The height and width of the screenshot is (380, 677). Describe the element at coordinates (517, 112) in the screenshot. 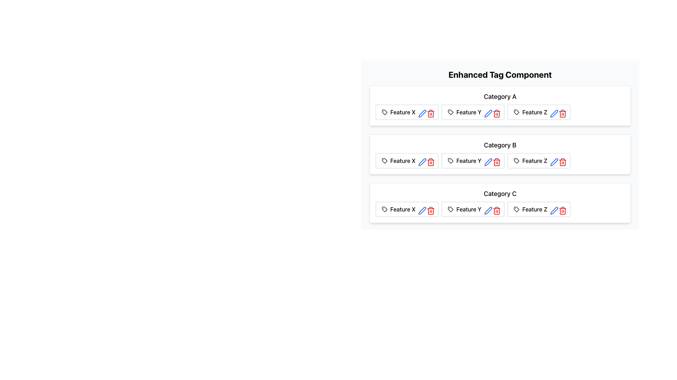

I see `the leftmost icon in the 'Category A' section of the 'Enhanced Tag Component', which represents a tag or identifier for 'Feature Z'` at that location.